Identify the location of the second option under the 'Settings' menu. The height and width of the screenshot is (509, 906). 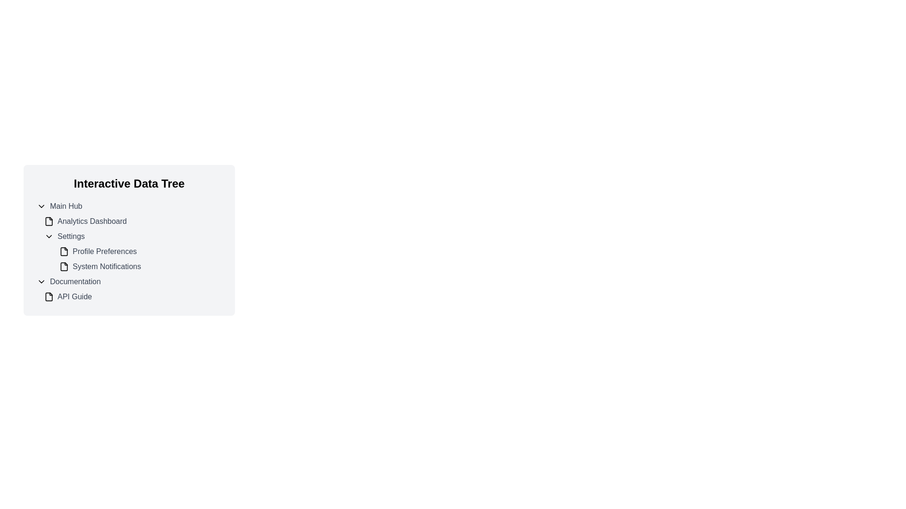
(140, 251).